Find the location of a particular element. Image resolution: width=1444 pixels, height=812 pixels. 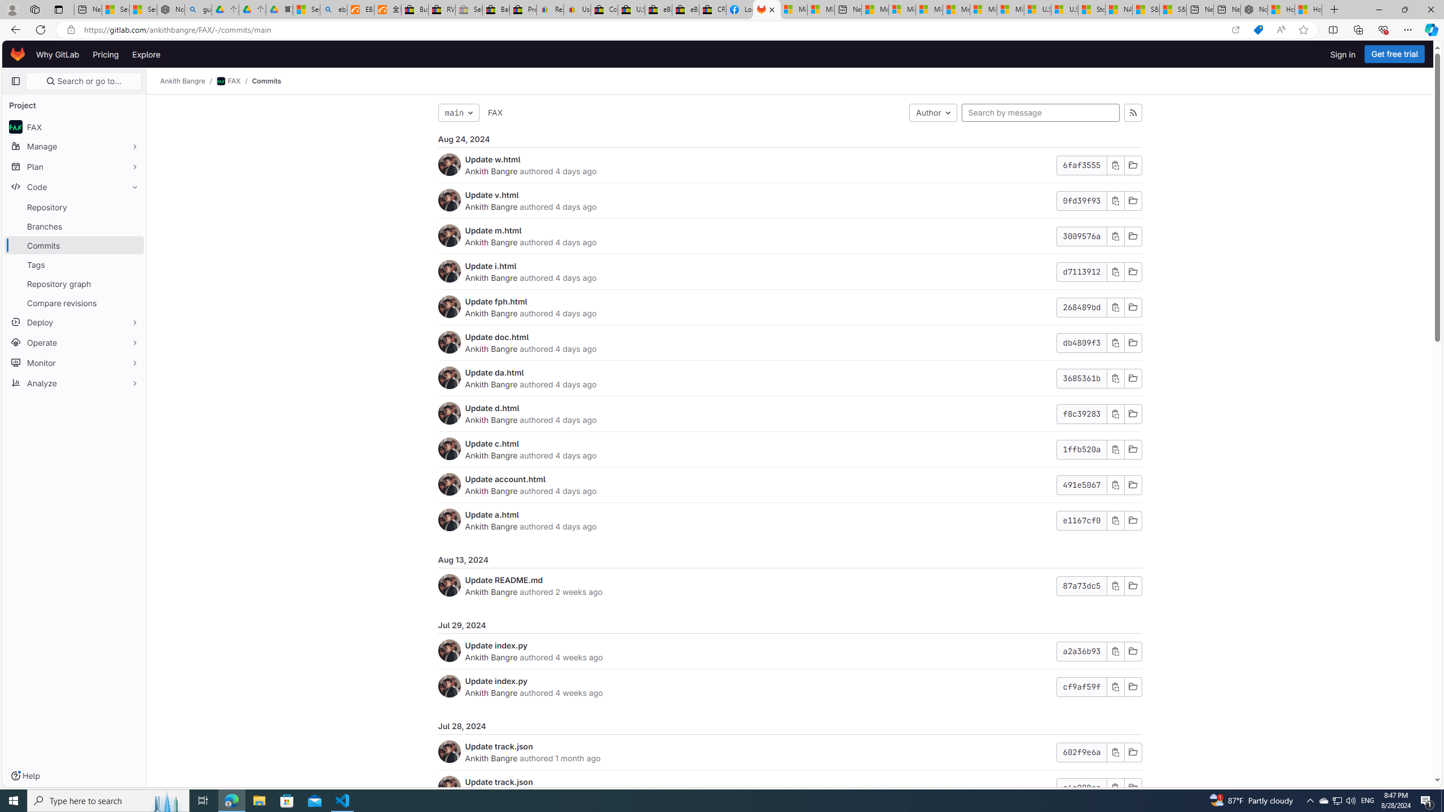

'guge yunpan - Search' is located at coordinates (198, 9).